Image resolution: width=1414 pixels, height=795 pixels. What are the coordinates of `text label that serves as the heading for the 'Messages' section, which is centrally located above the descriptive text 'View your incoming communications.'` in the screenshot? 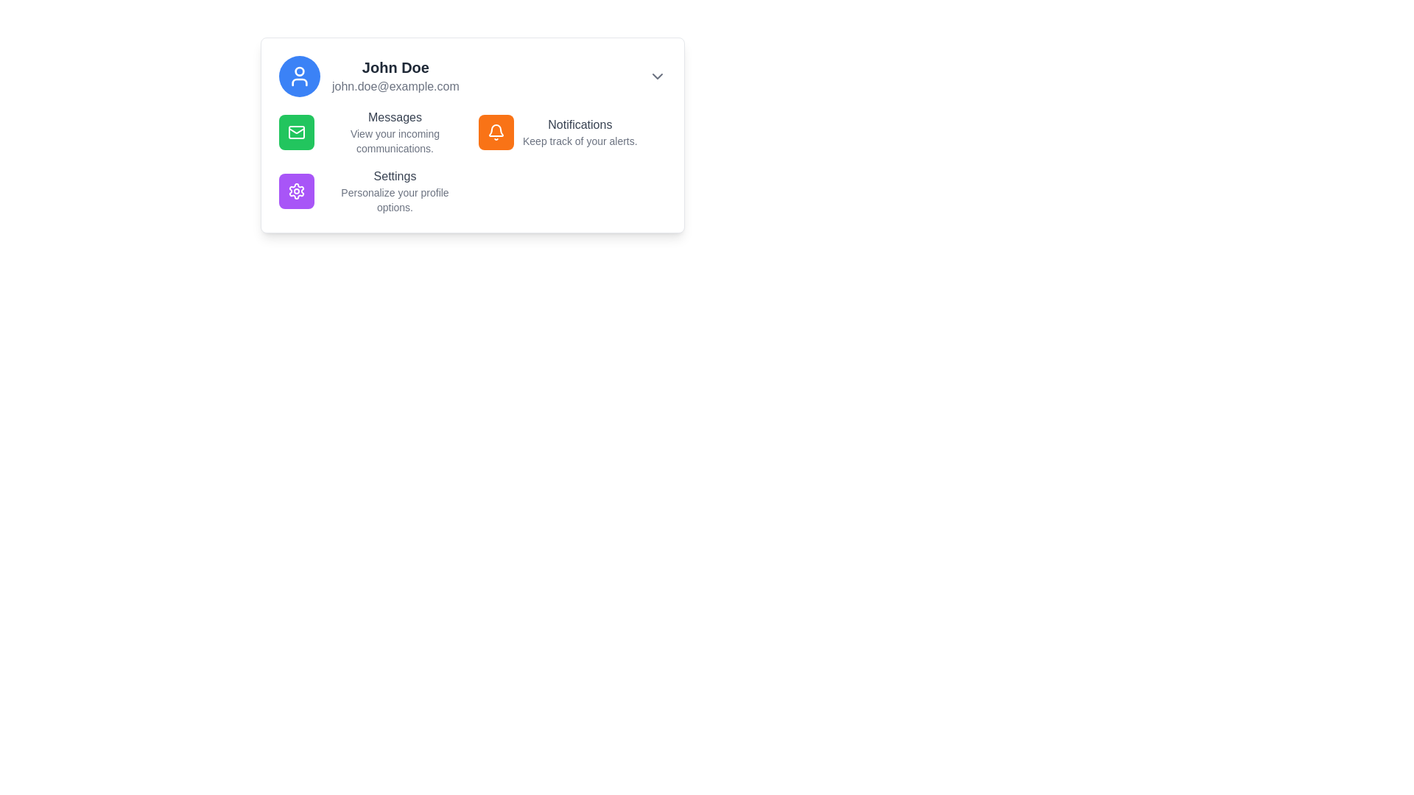 It's located at (395, 116).